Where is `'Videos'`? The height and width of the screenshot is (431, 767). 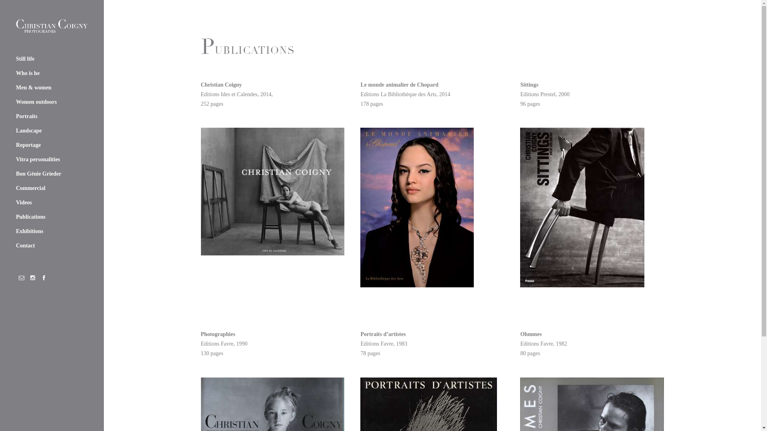 'Videos' is located at coordinates (51, 202).